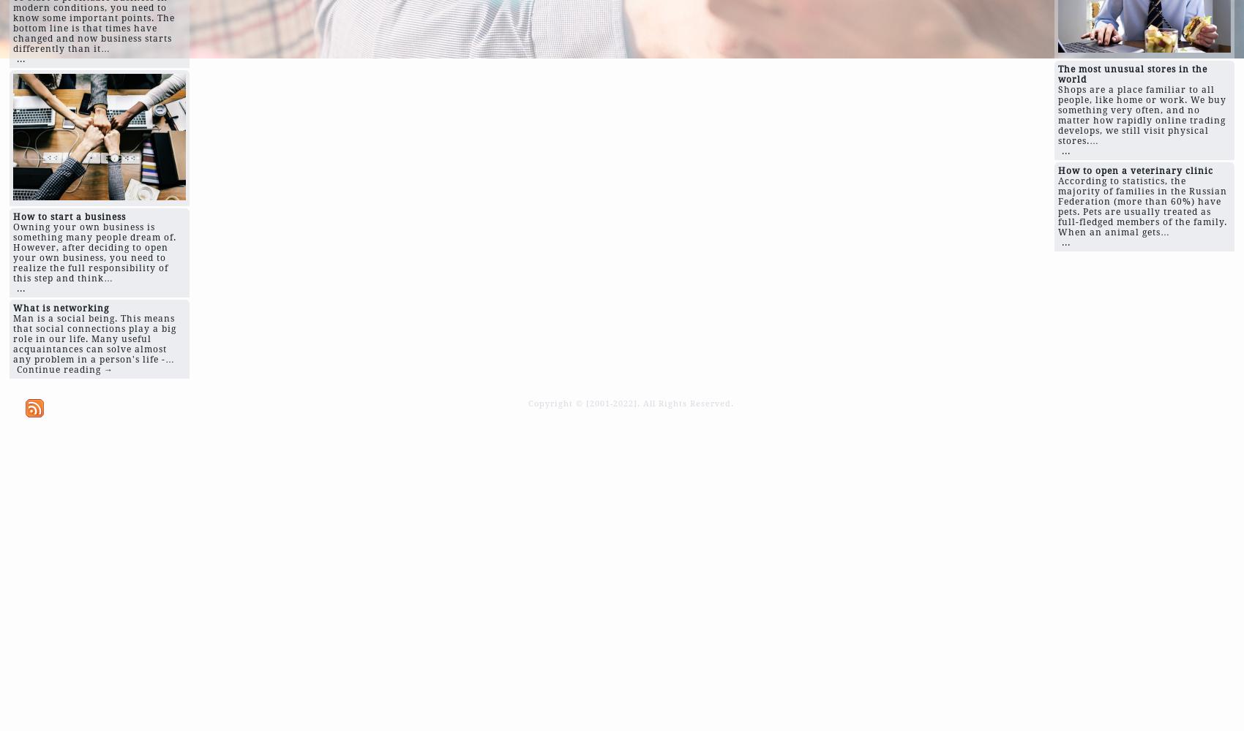  Describe the element at coordinates (13, 252) in the screenshot. I see `'Owning your own business is something many people dream of. However, after deciding to open your own business, you need to realize the full responsibility of this step and think…'` at that location.